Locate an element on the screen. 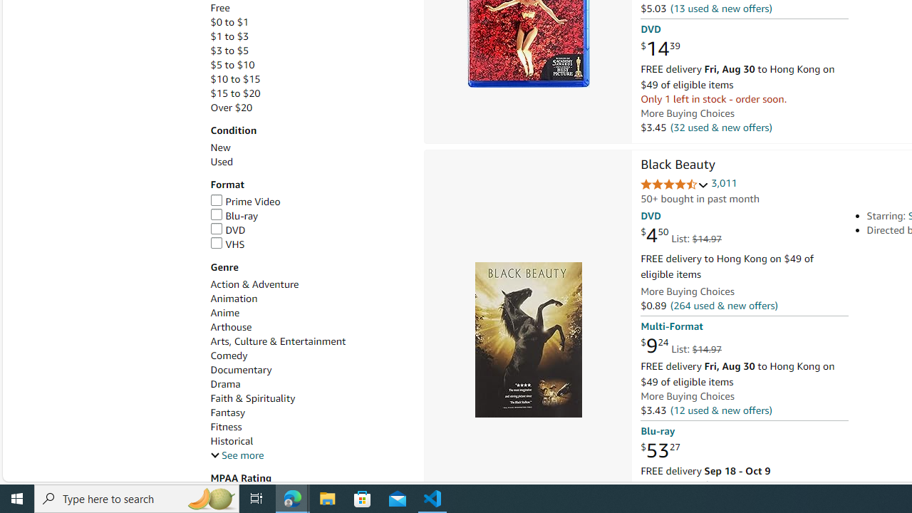  'Action & Adventure' is located at coordinates (254, 284).